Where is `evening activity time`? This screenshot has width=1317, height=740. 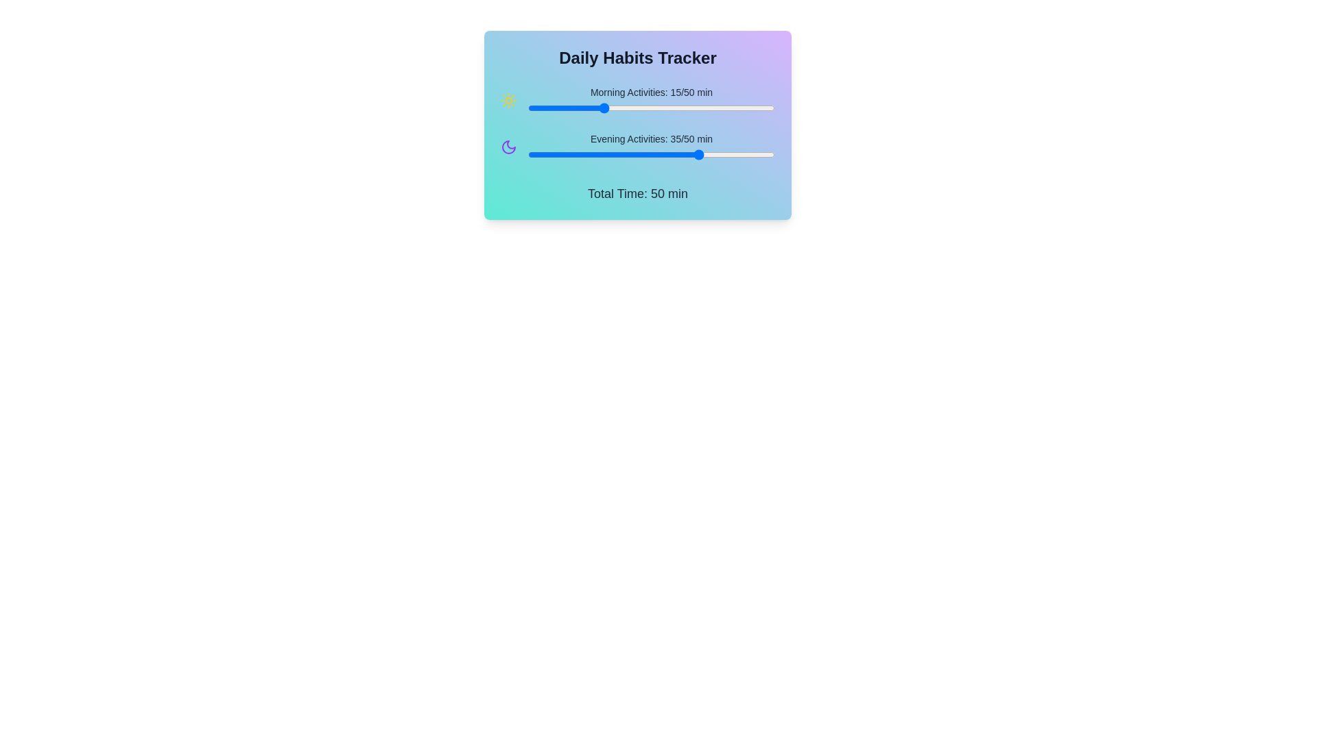
evening activity time is located at coordinates (616, 154).